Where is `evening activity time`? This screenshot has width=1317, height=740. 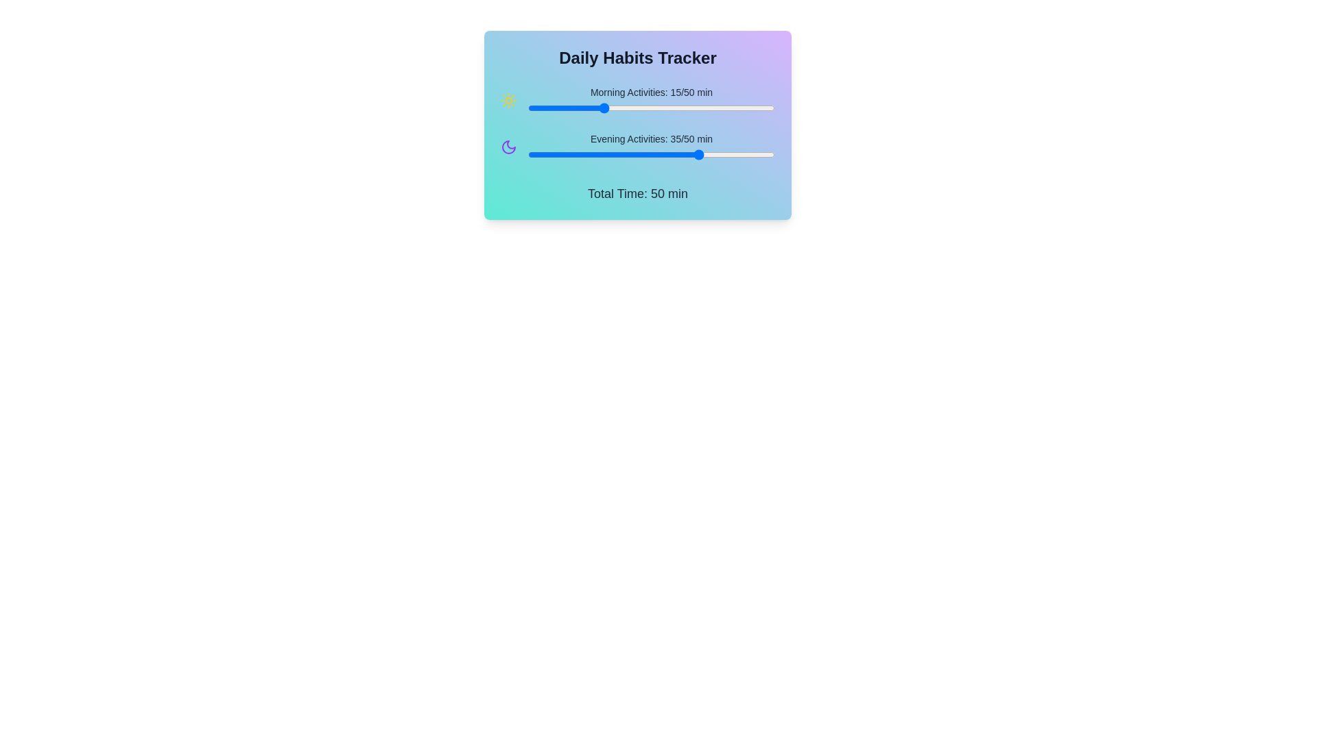
evening activity time is located at coordinates (616, 154).